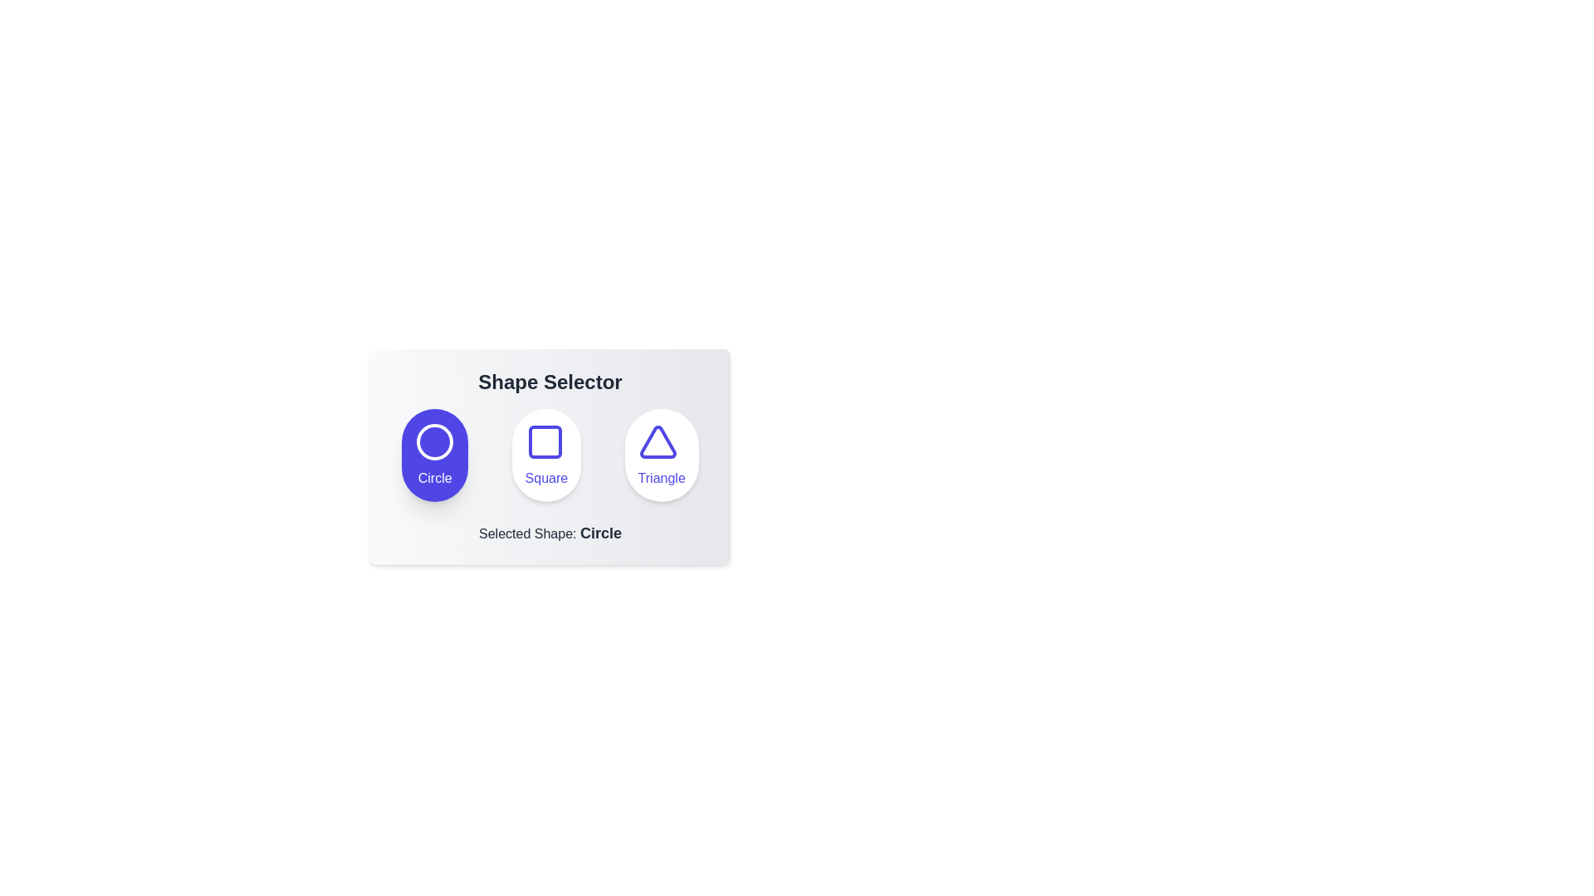  Describe the element at coordinates (661, 455) in the screenshot. I see `the Triangle button to select it` at that location.